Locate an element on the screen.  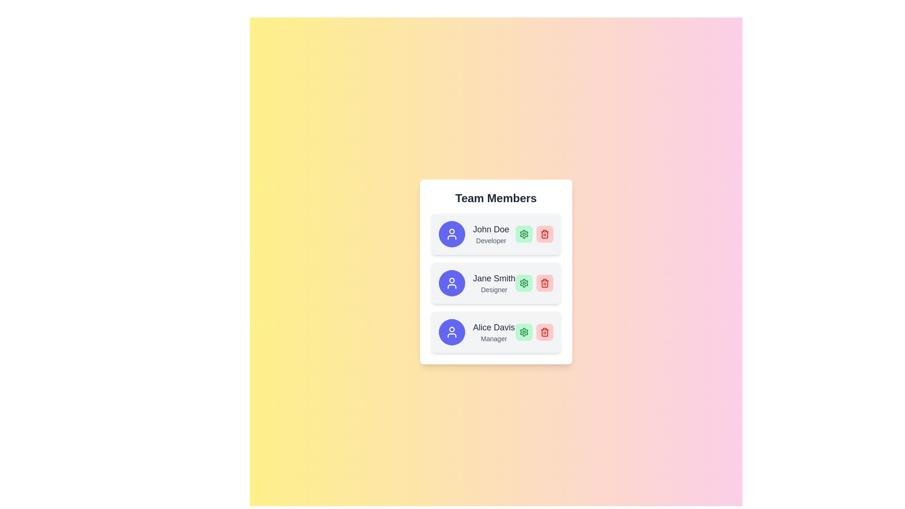
the text label displaying 'Alice Davis', which is styled with a larger font size and bold appearance, located in the lower section of the card in the 'Team Members' list is located at coordinates (493, 327).